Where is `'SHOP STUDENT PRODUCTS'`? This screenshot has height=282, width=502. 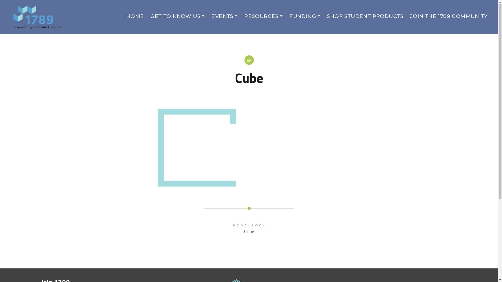
'SHOP STUDENT PRODUCTS' is located at coordinates (365, 16).